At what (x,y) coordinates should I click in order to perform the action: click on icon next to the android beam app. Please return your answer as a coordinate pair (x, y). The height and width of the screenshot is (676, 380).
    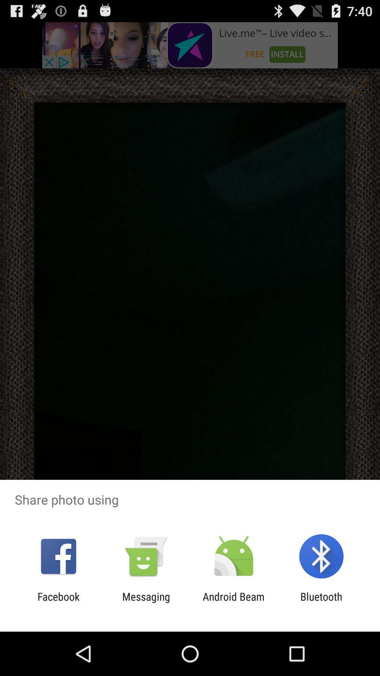
    Looking at the image, I should click on (146, 602).